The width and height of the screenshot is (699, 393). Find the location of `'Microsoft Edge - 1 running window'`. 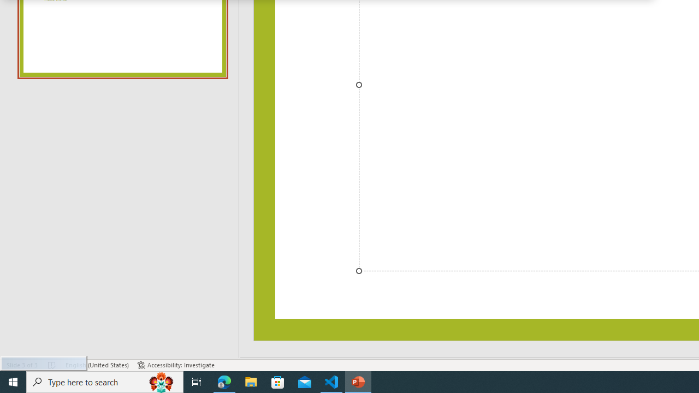

'Microsoft Edge - 1 running window' is located at coordinates (224, 381).